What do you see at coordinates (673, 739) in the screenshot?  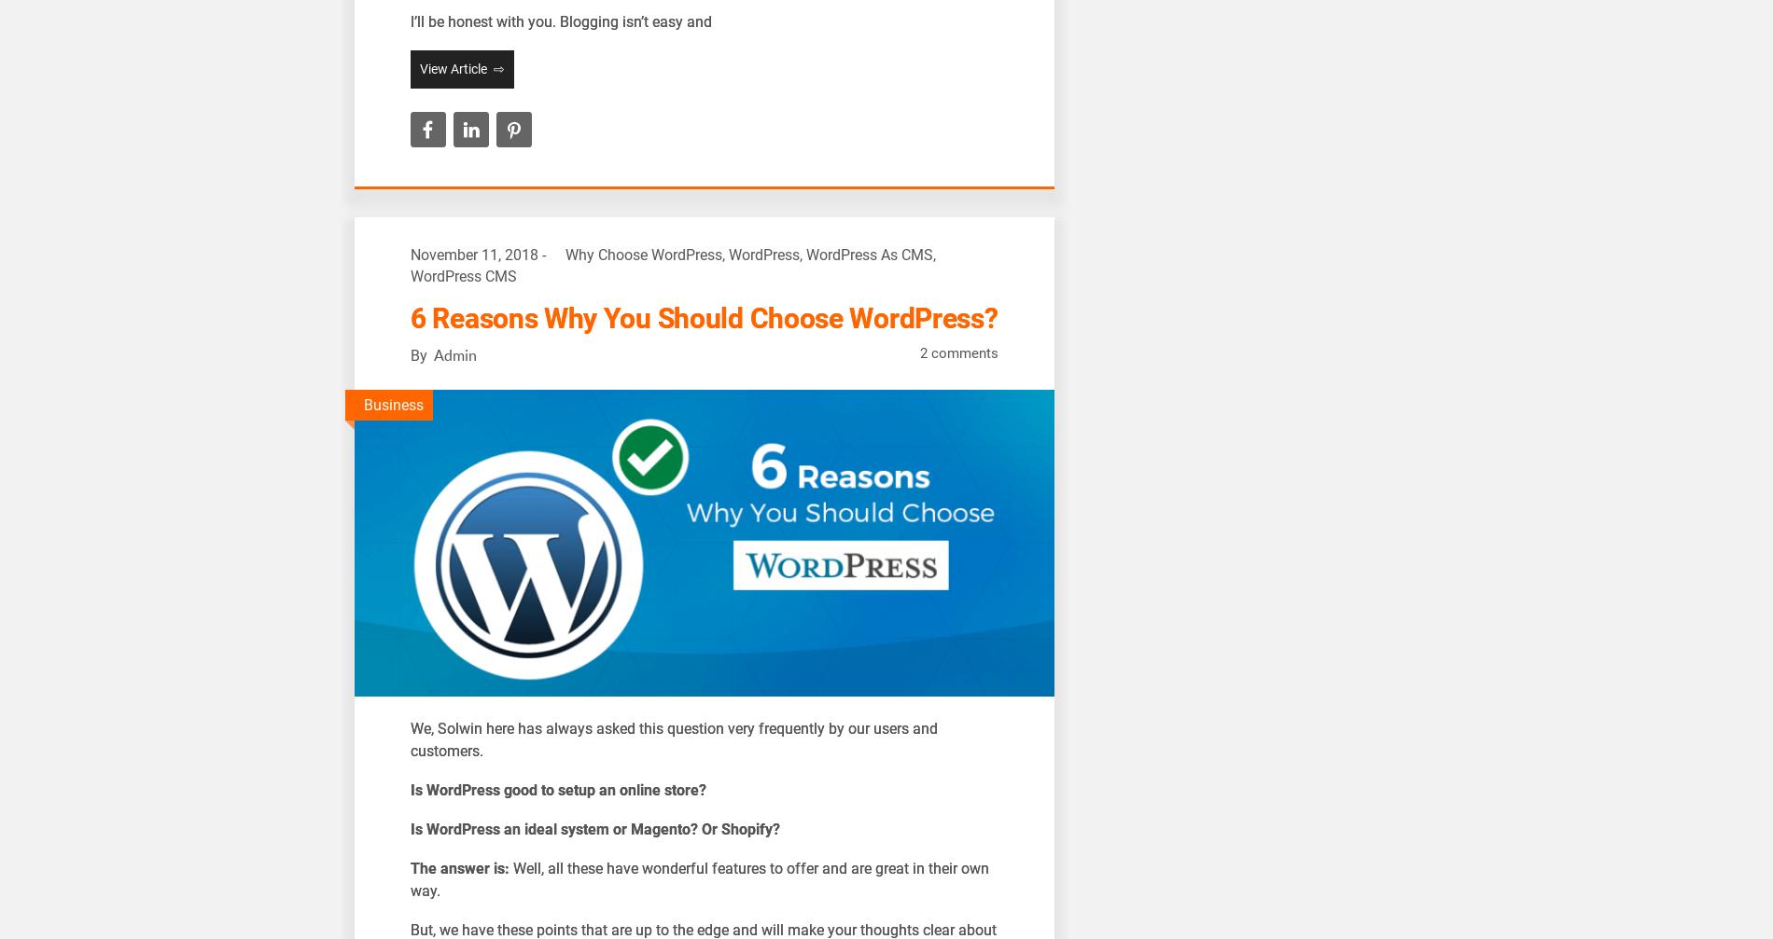 I see `'e, Solwin here has always asked this question very frequently by our users and customers.'` at bounding box center [673, 739].